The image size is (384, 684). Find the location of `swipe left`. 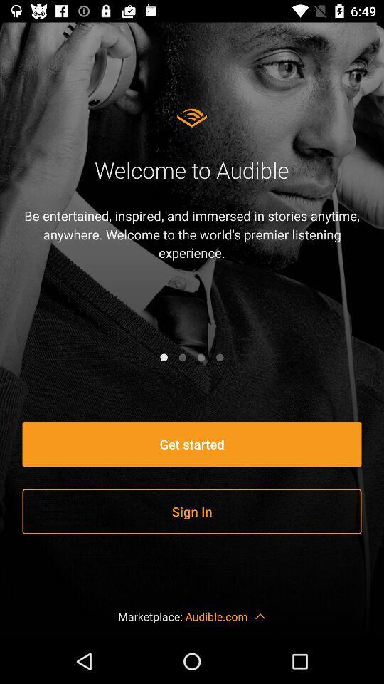

swipe left is located at coordinates (182, 356).